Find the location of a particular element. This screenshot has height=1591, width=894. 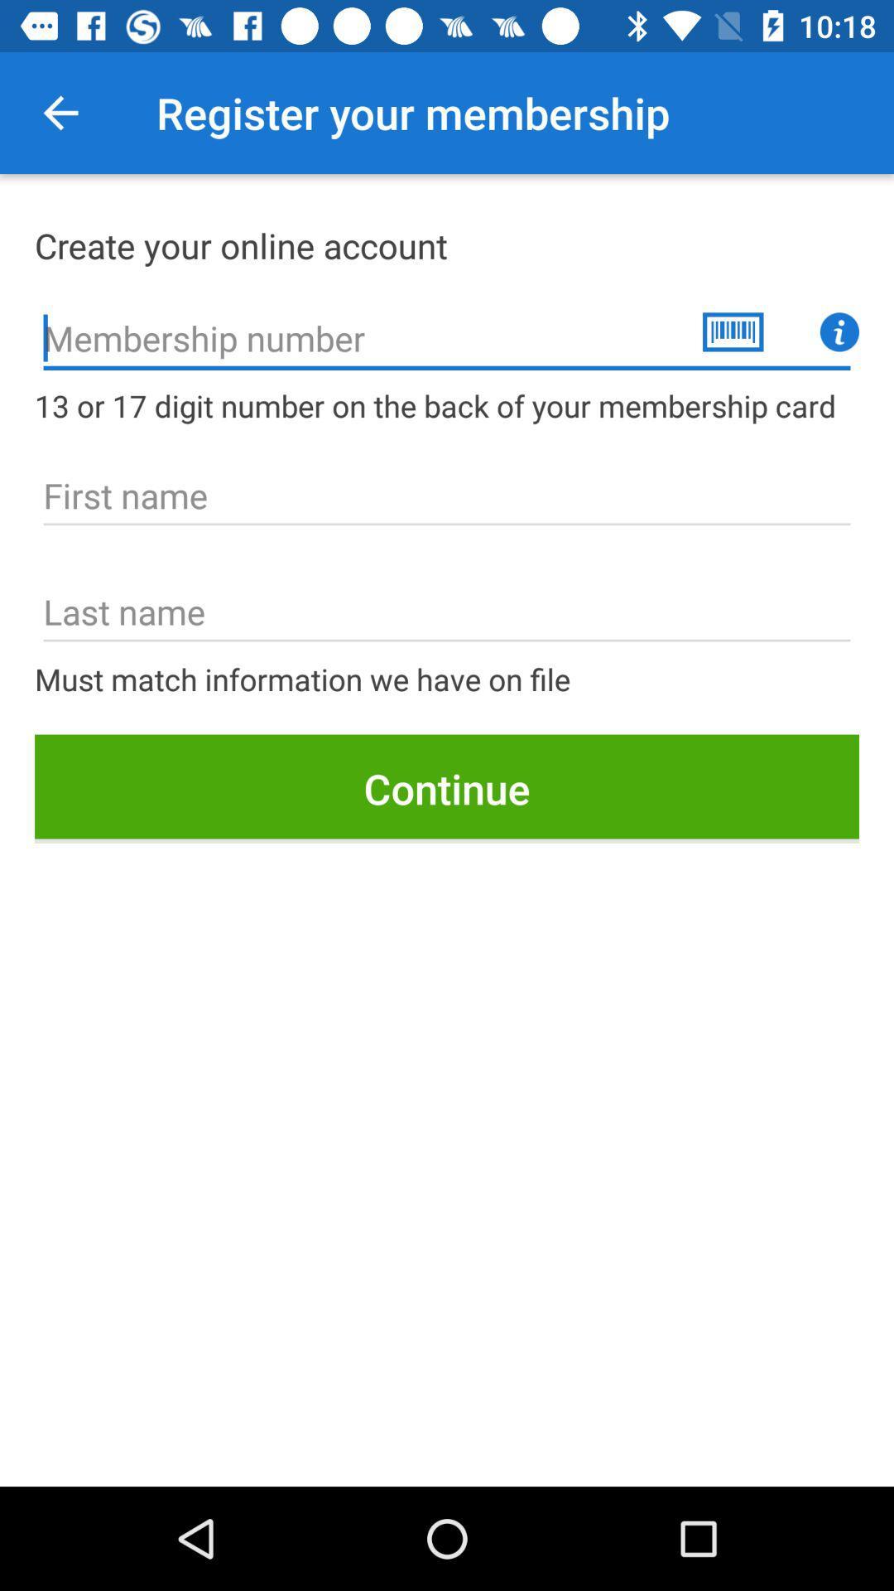

information icon is located at coordinates (839, 331).